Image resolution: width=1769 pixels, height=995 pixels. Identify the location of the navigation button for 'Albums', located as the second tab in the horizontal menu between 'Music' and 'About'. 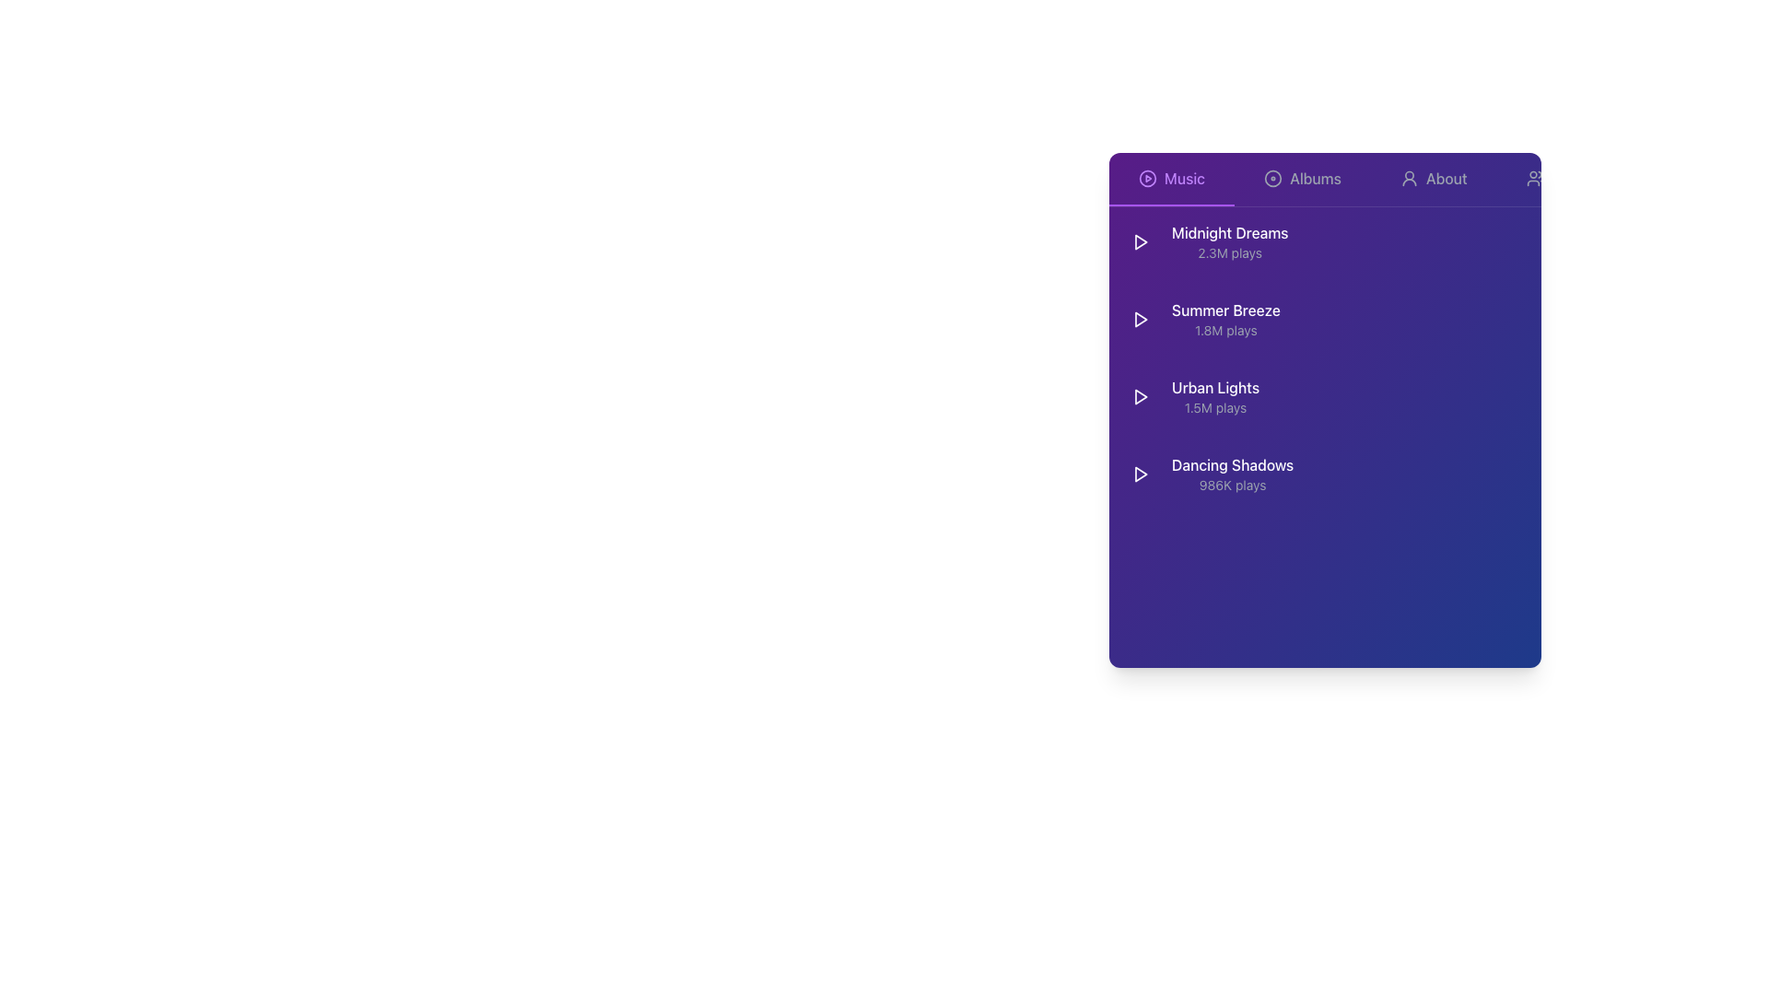
(1302, 180).